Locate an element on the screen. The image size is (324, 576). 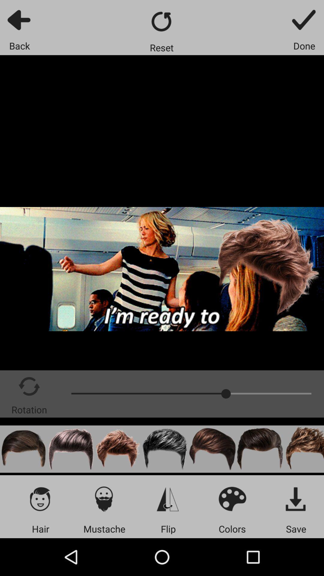
a hairstyle overlay is located at coordinates (259, 449).